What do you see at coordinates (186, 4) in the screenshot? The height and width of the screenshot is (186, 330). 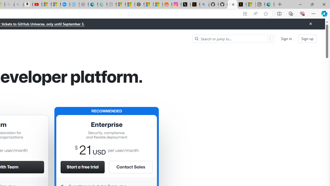 I see `'Log in to X / X'` at bounding box center [186, 4].